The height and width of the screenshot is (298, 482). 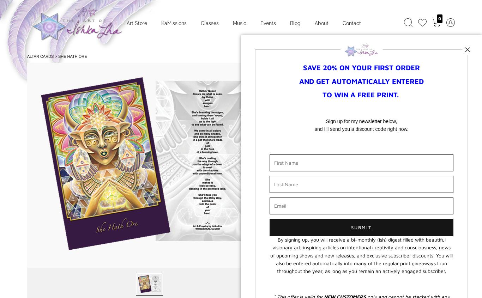 What do you see at coordinates (416, 37) in the screenshot?
I see `'Next Image'` at bounding box center [416, 37].